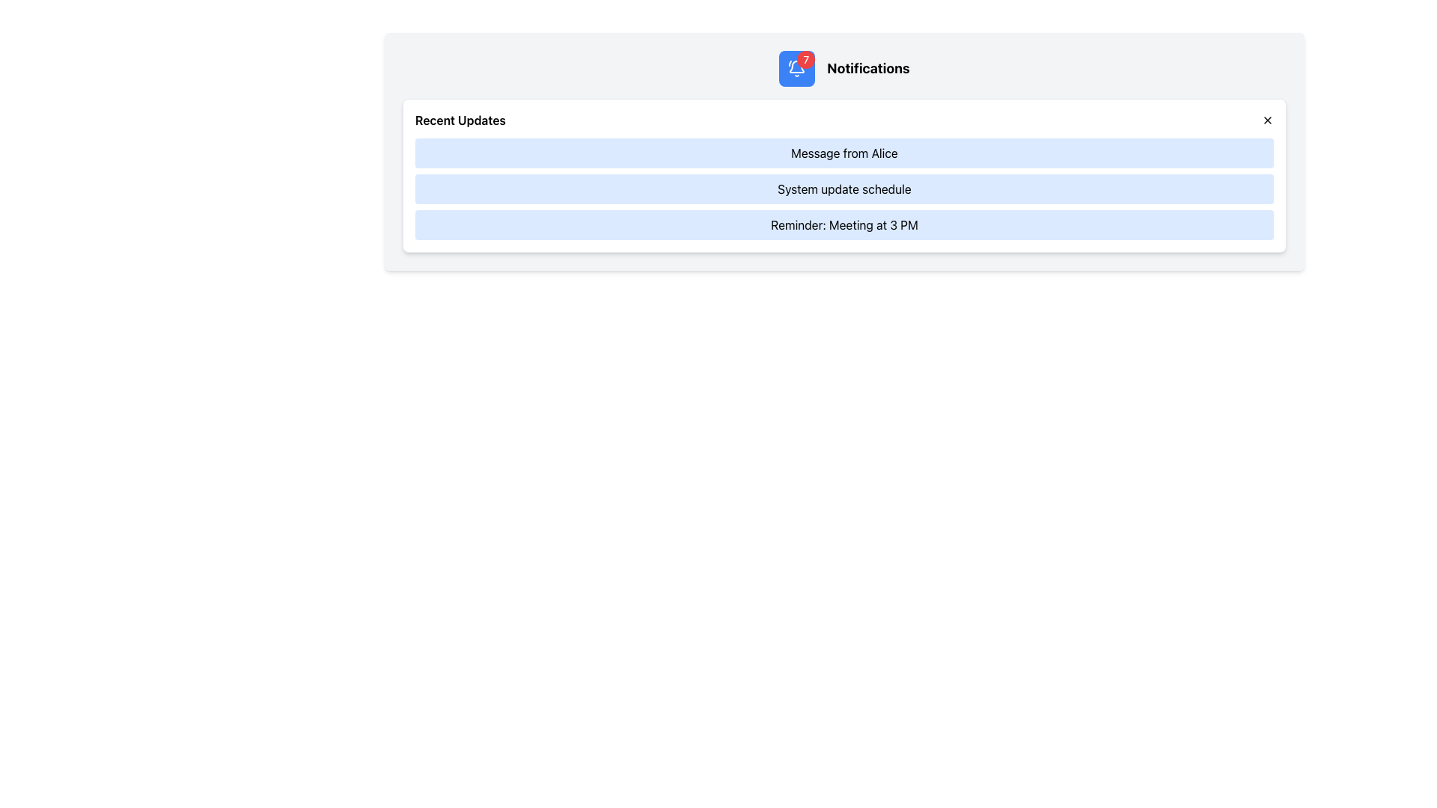 The width and height of the screenshot is (1437, 808). Describe the element at coordinates (844, 224) in the screenshot. I see `text from the Notification banner displaying 'Reminder: Meeting at 3 PM' located in the 'Recent Updates' section` at that location.